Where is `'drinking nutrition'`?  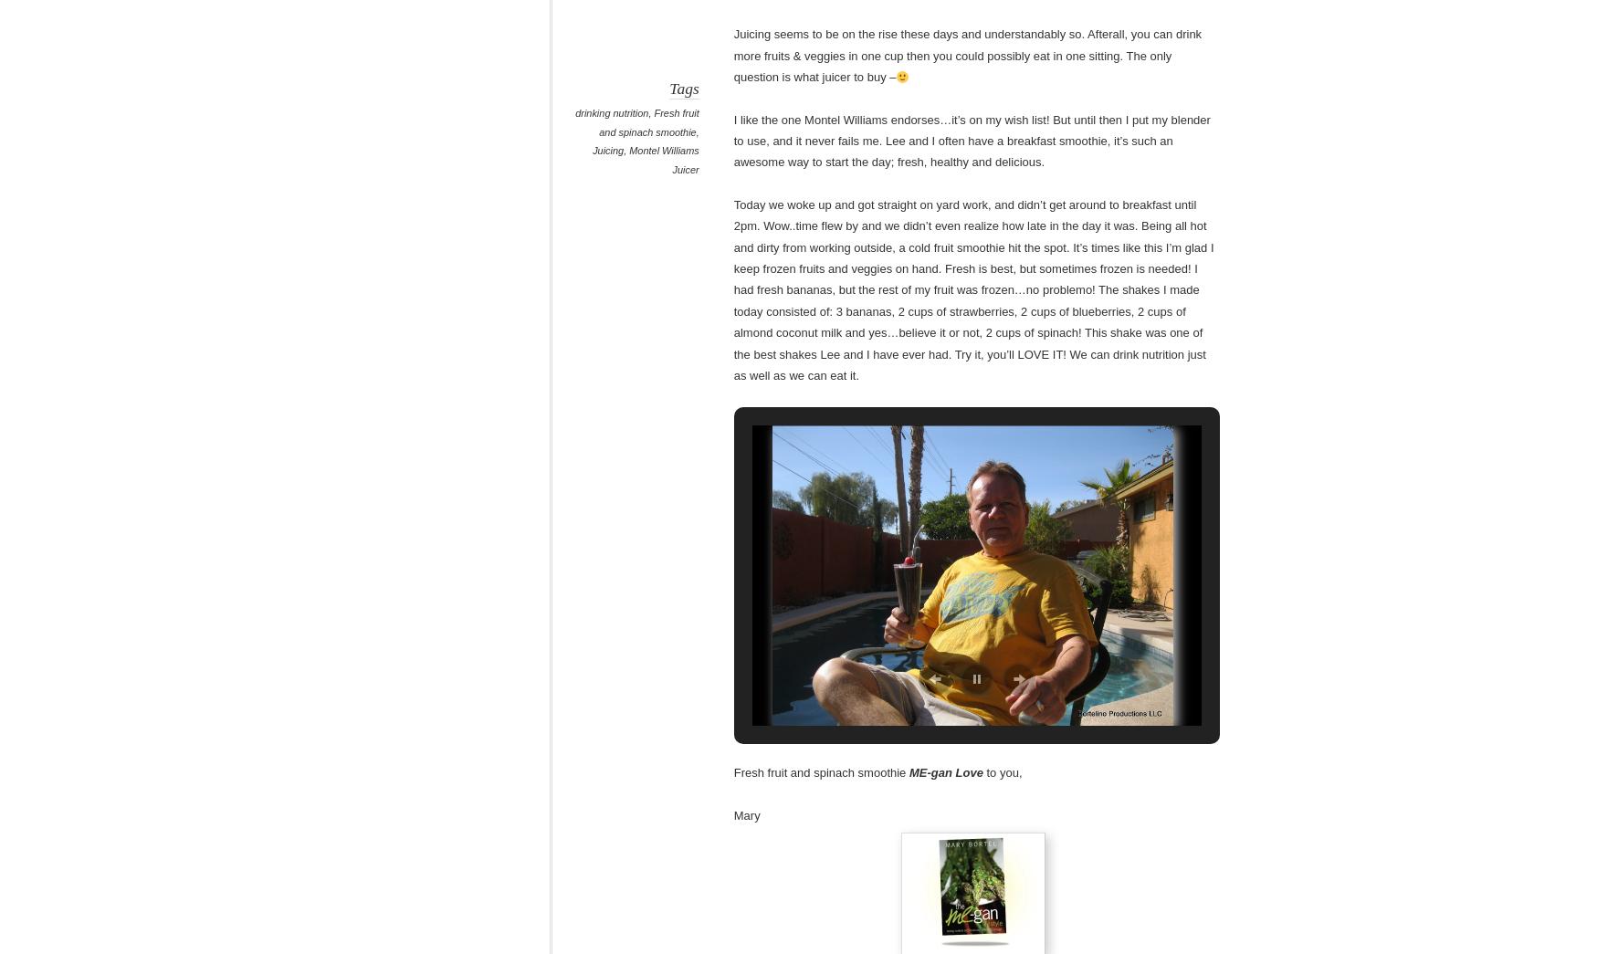
'drinking nutrition' is located at coordinates (612, 112).